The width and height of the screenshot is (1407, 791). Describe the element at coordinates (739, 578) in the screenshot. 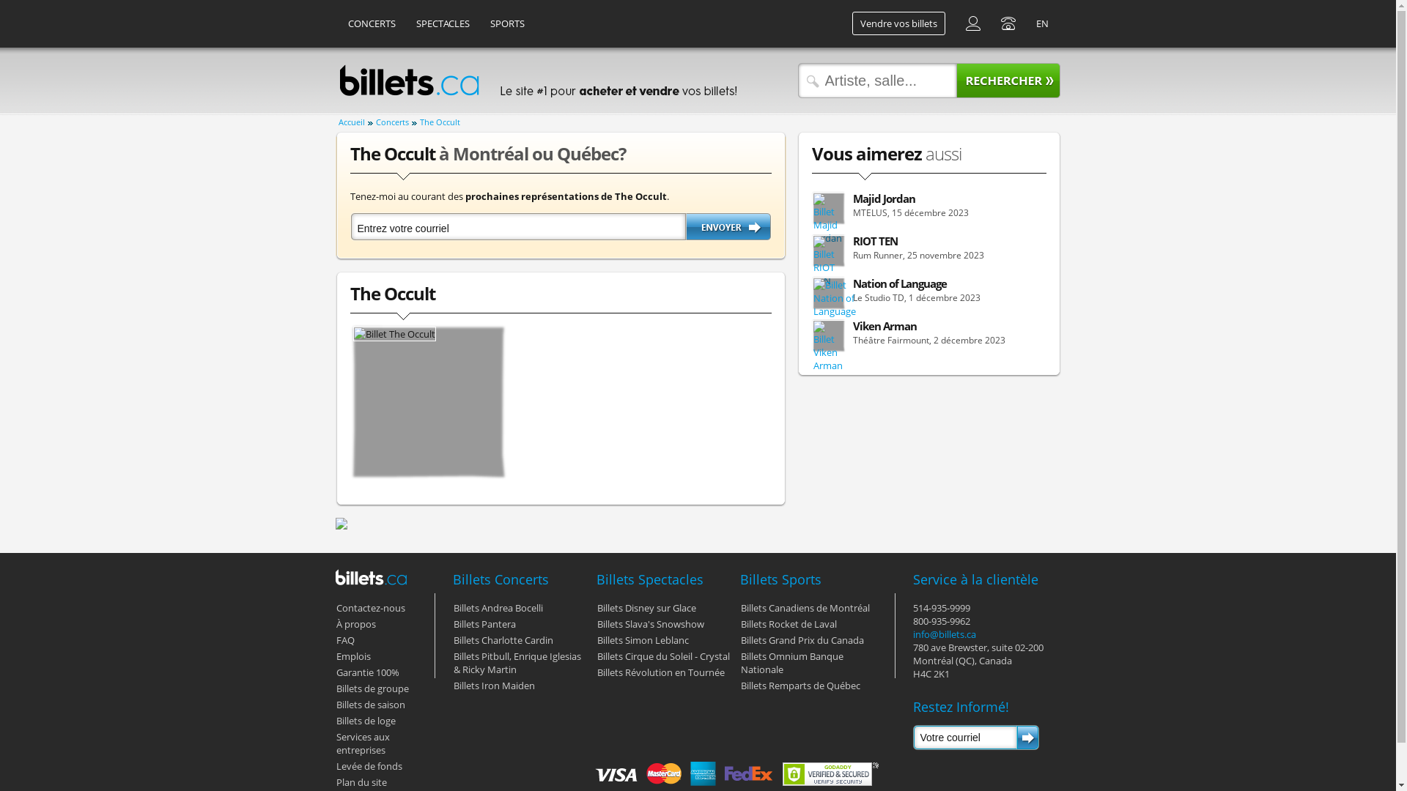

I see `'Billets Sports'` at that location.